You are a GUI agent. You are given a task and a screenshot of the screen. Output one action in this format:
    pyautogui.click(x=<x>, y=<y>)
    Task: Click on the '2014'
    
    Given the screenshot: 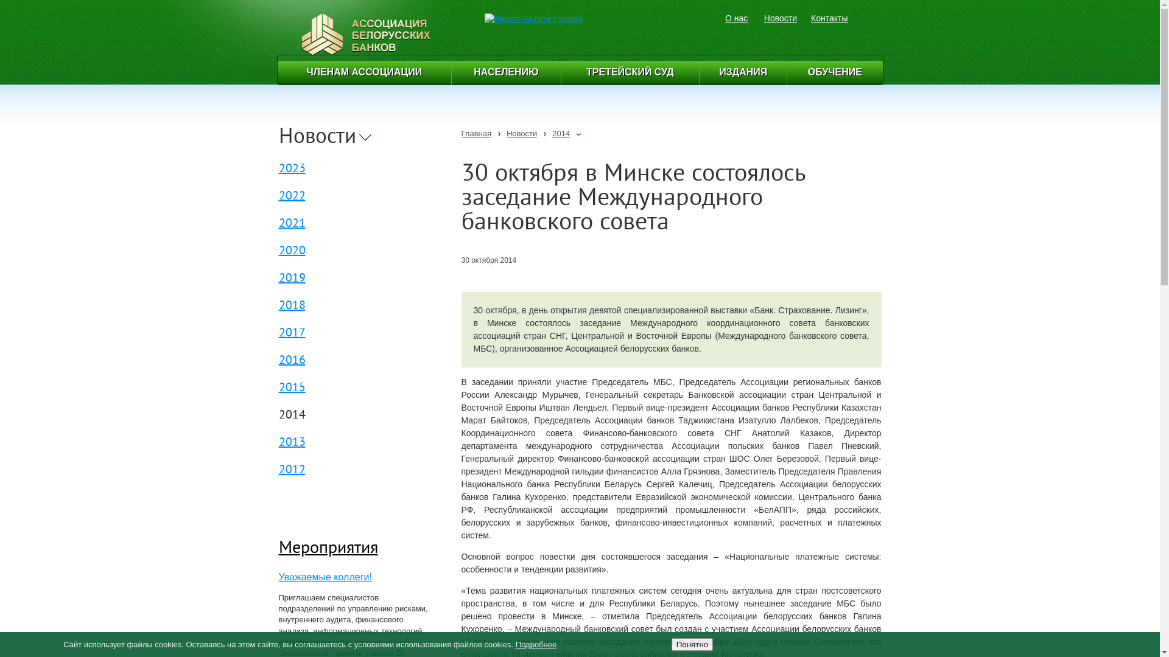 What is the action you would take?
    pyautogui.click(x=552, y=133)
    